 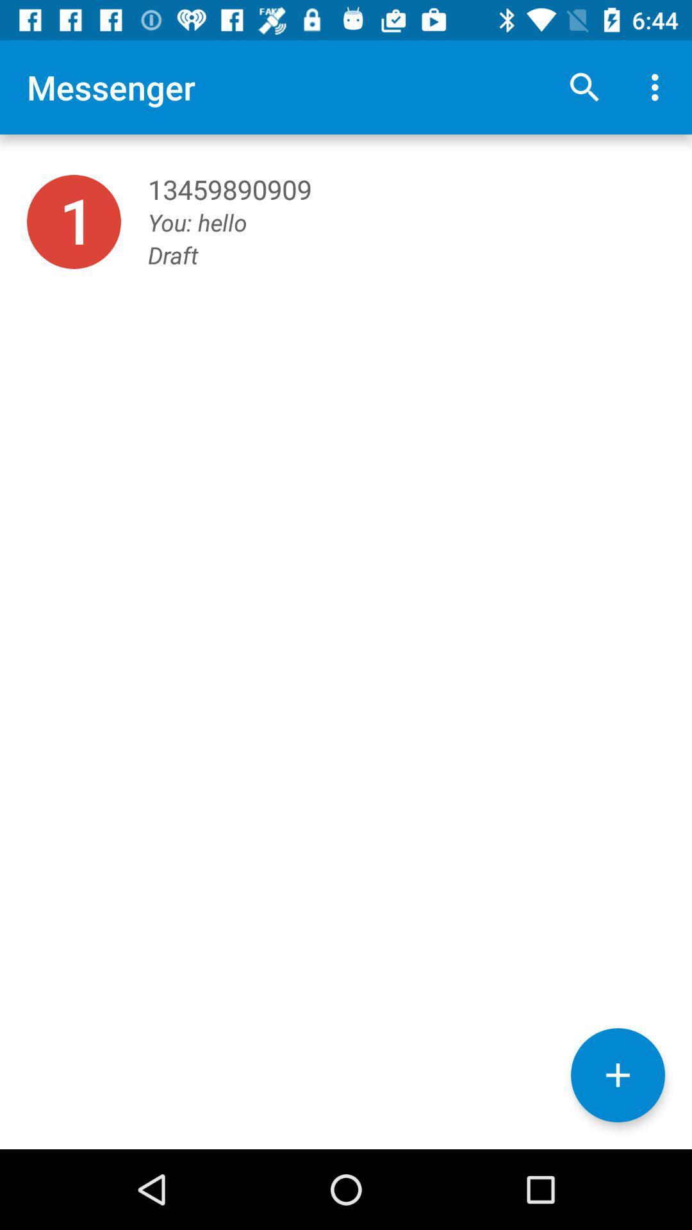 I want to click on the item above the you: hello, so click(x=584, y=86).